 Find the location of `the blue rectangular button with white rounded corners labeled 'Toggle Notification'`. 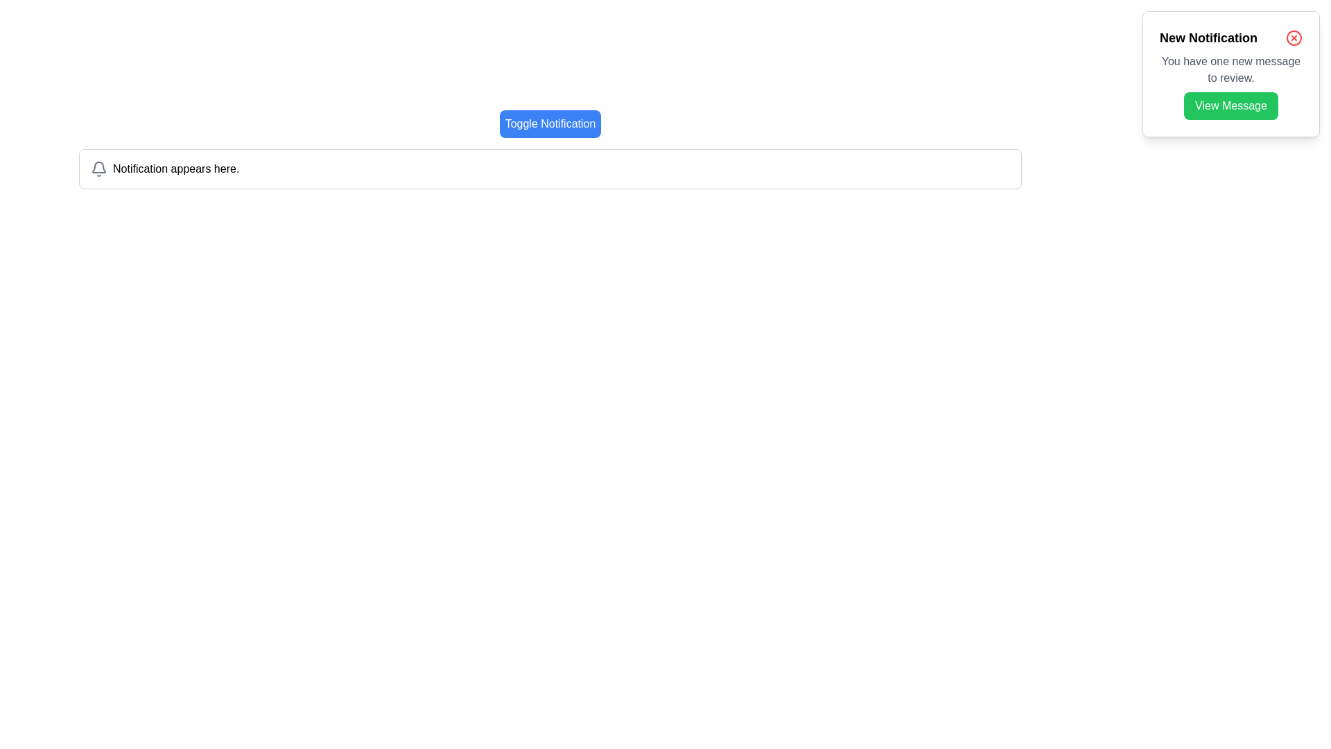

the blue rectangular button with white rounded corners labeled 'Toggle Notification' is located at coordinates (549, 123).